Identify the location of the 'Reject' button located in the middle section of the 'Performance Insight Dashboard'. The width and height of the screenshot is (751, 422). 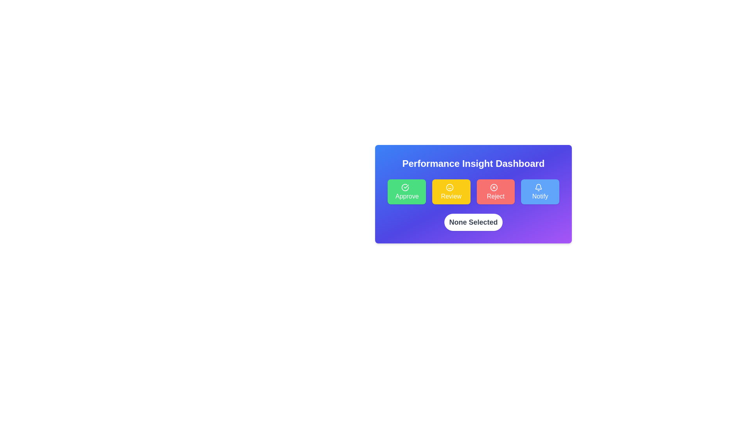
(473, 194).